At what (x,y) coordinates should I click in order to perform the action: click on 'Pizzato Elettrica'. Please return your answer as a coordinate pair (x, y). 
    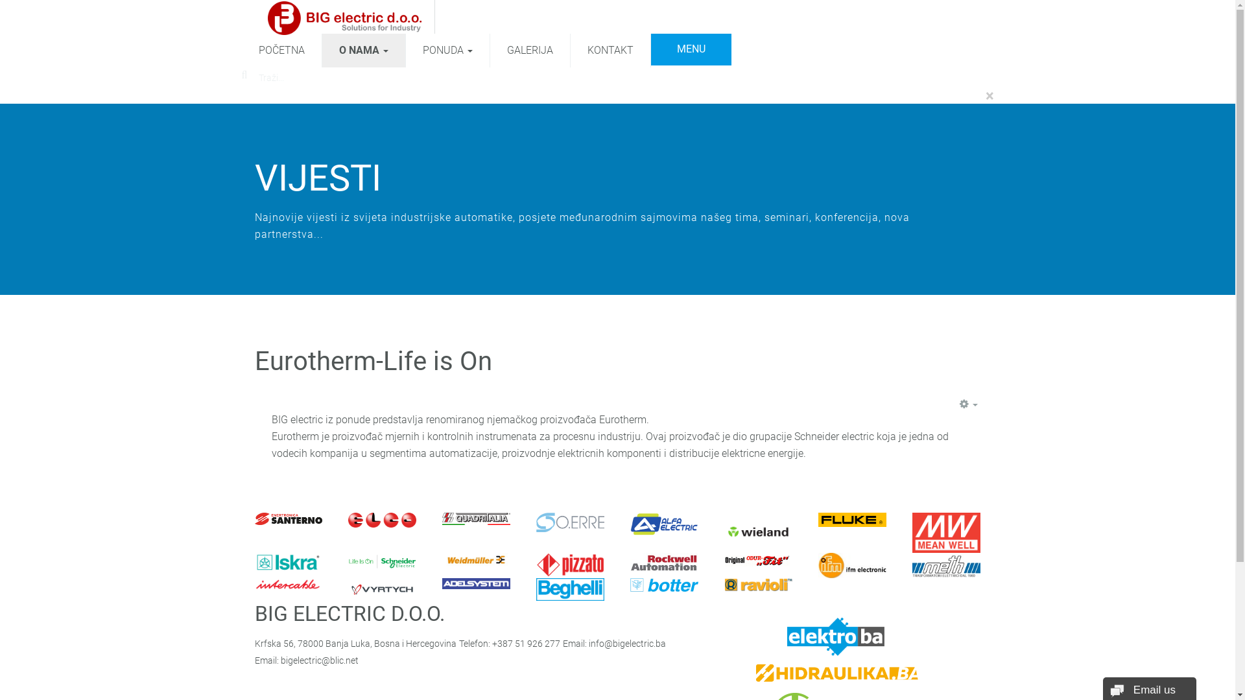
    Looking at the image, I should click on (570, 564).